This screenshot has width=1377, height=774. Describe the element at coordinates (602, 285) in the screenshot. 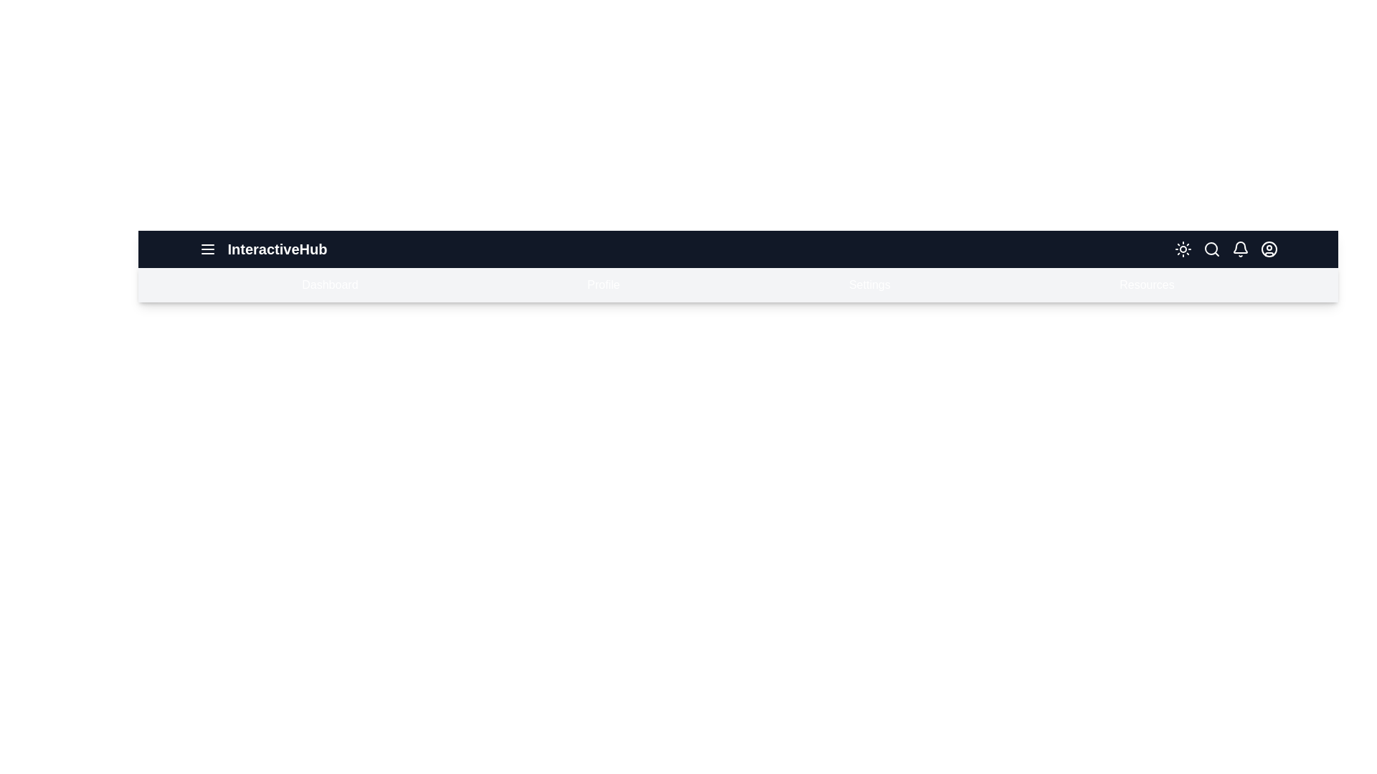

I see `the Profile navigation link` at that location.